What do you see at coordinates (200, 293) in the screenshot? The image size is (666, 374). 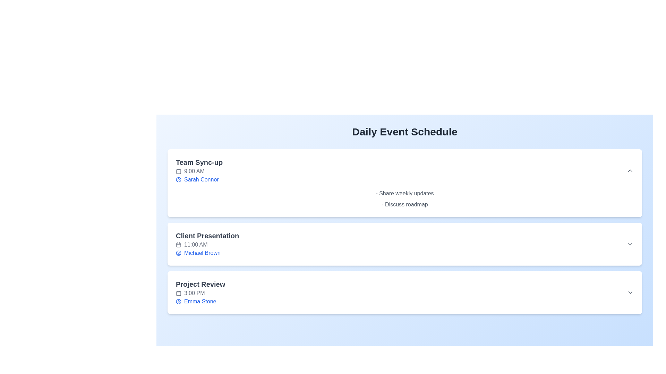 I see `time displayed in the Time element showing '3:00 PM' with a calendar icon, located under the 'Project Review' heading` at bounding box center [200, 293].